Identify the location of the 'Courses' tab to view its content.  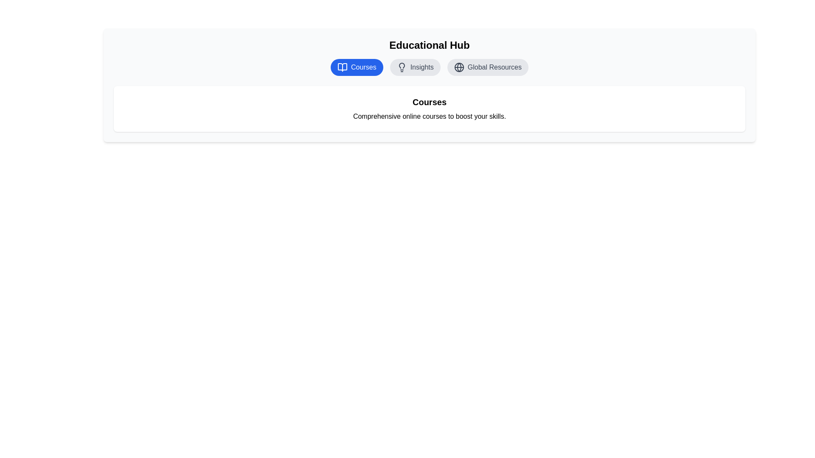
(357, 67).